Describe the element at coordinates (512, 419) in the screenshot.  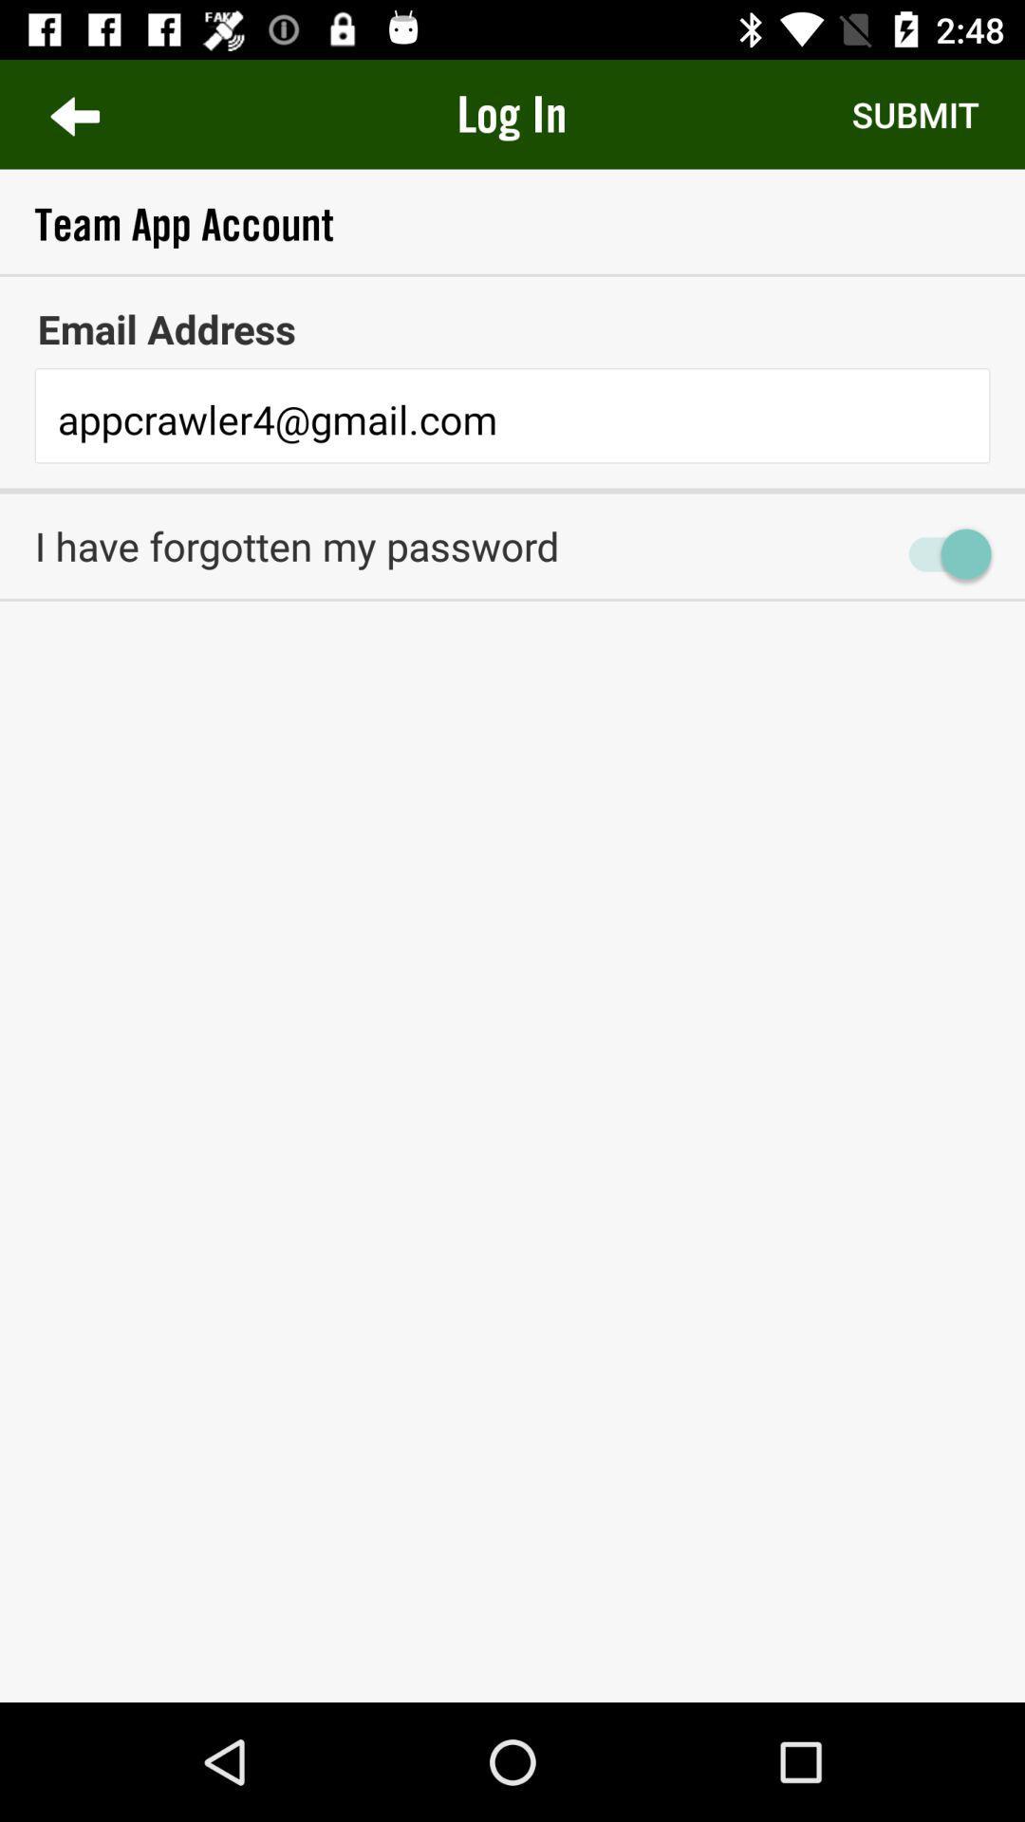
I see `the appcrawler4@gmail.com item` at that location.